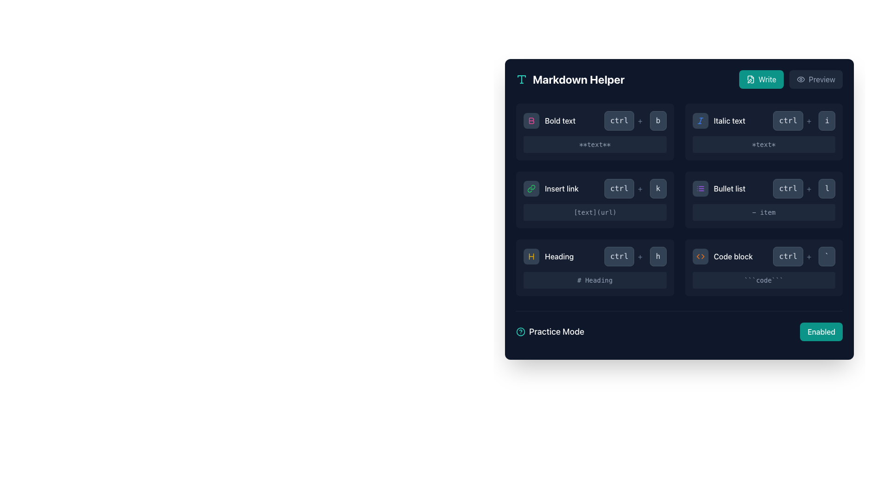 The width and height of the screenshot is (892, 502). I want to click on the composite button-like option that allows users to insert a code block, located in the bottom-right section of the grid of options, so click(764, 256).